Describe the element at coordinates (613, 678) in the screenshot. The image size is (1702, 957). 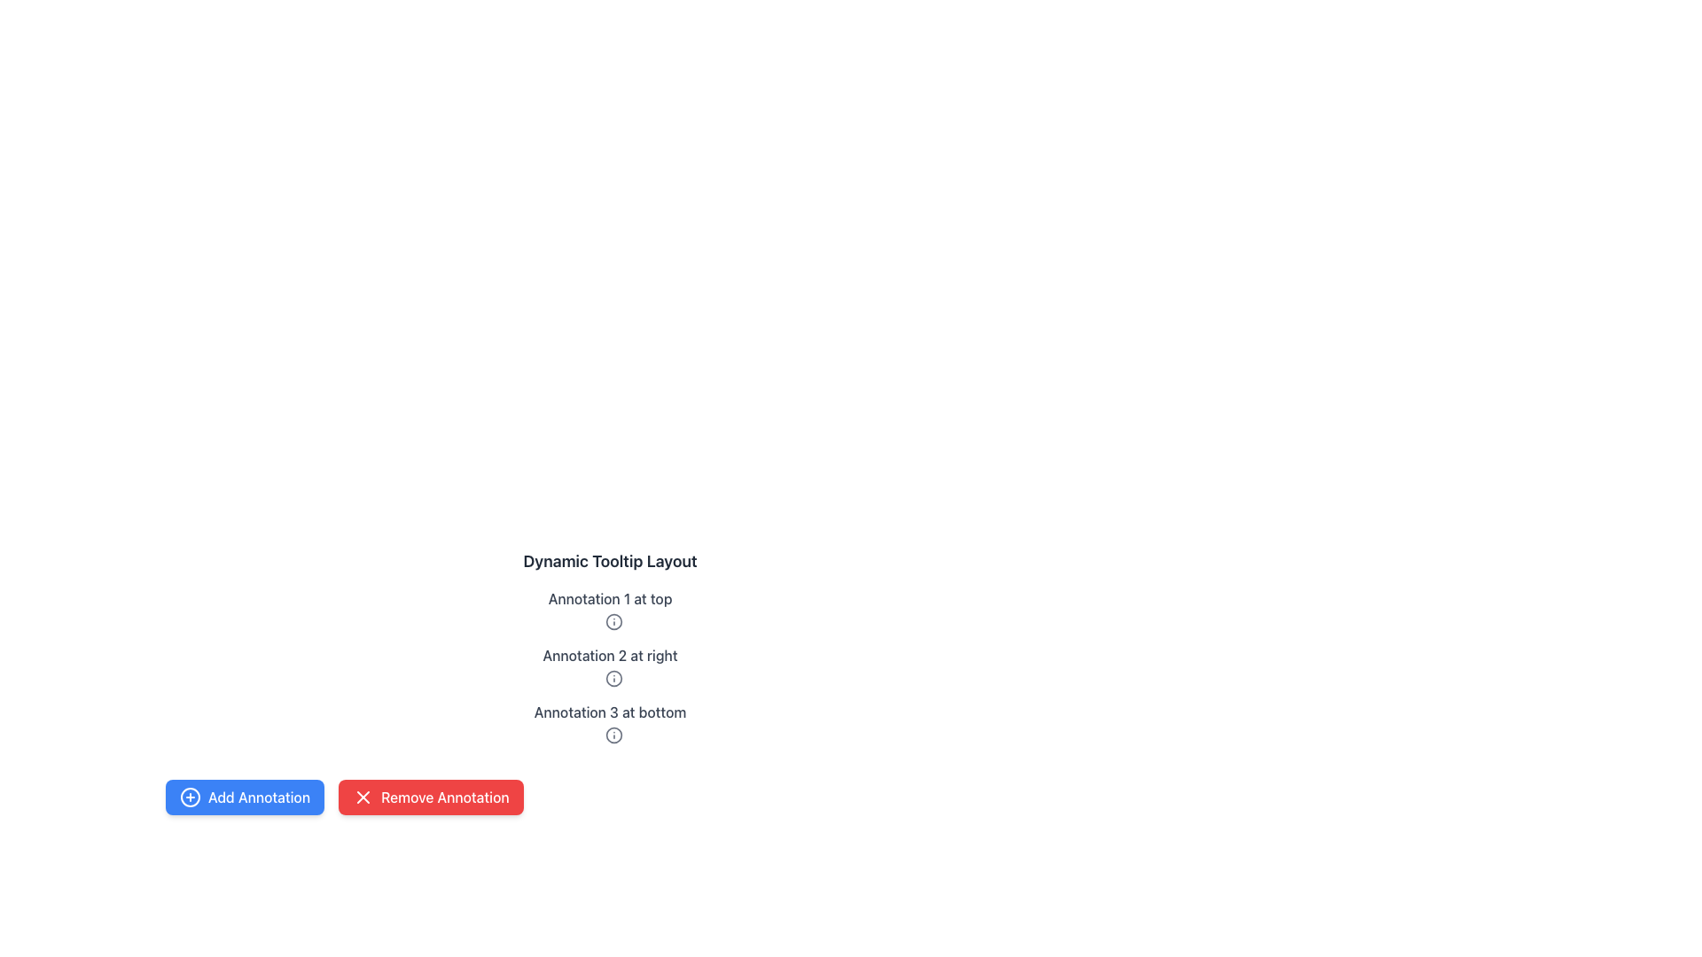
I see `the informational SVG icon located in the second annotation block titled 'Annotation 2 at right'` at that location.